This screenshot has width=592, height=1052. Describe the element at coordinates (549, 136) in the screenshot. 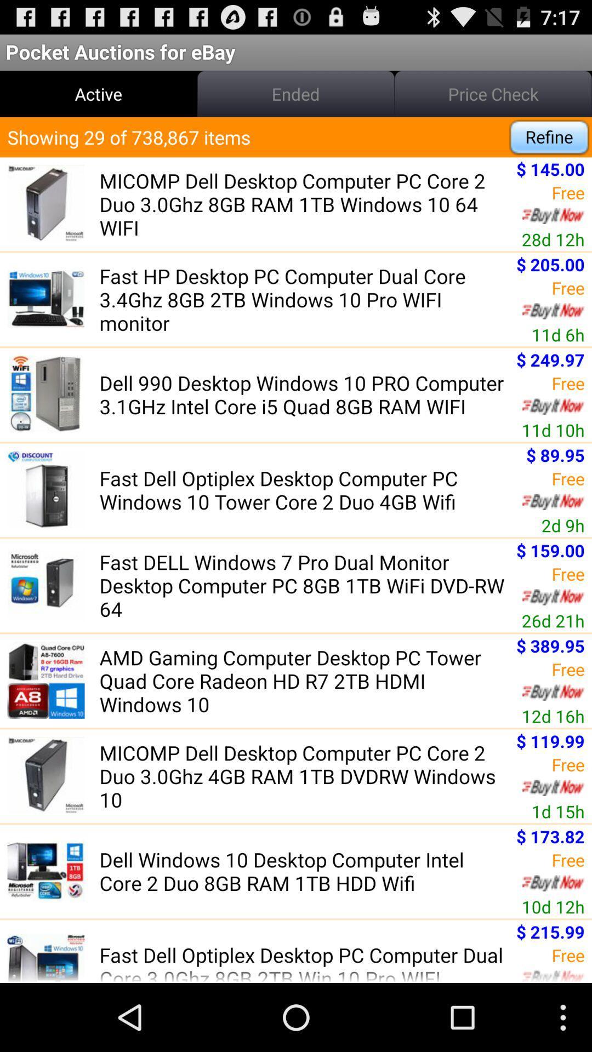

I see `the app next to the showing 29 of` at that location.